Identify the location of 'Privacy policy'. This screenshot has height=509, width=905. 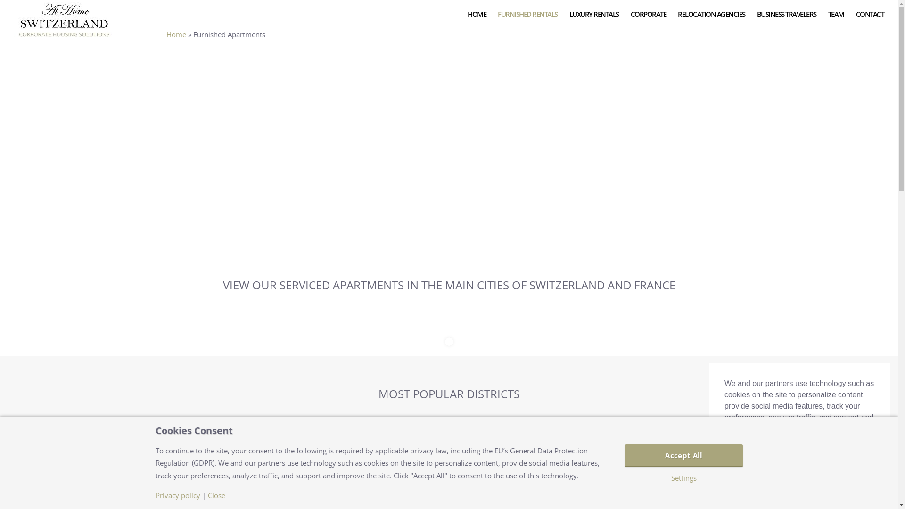
(178, 495).